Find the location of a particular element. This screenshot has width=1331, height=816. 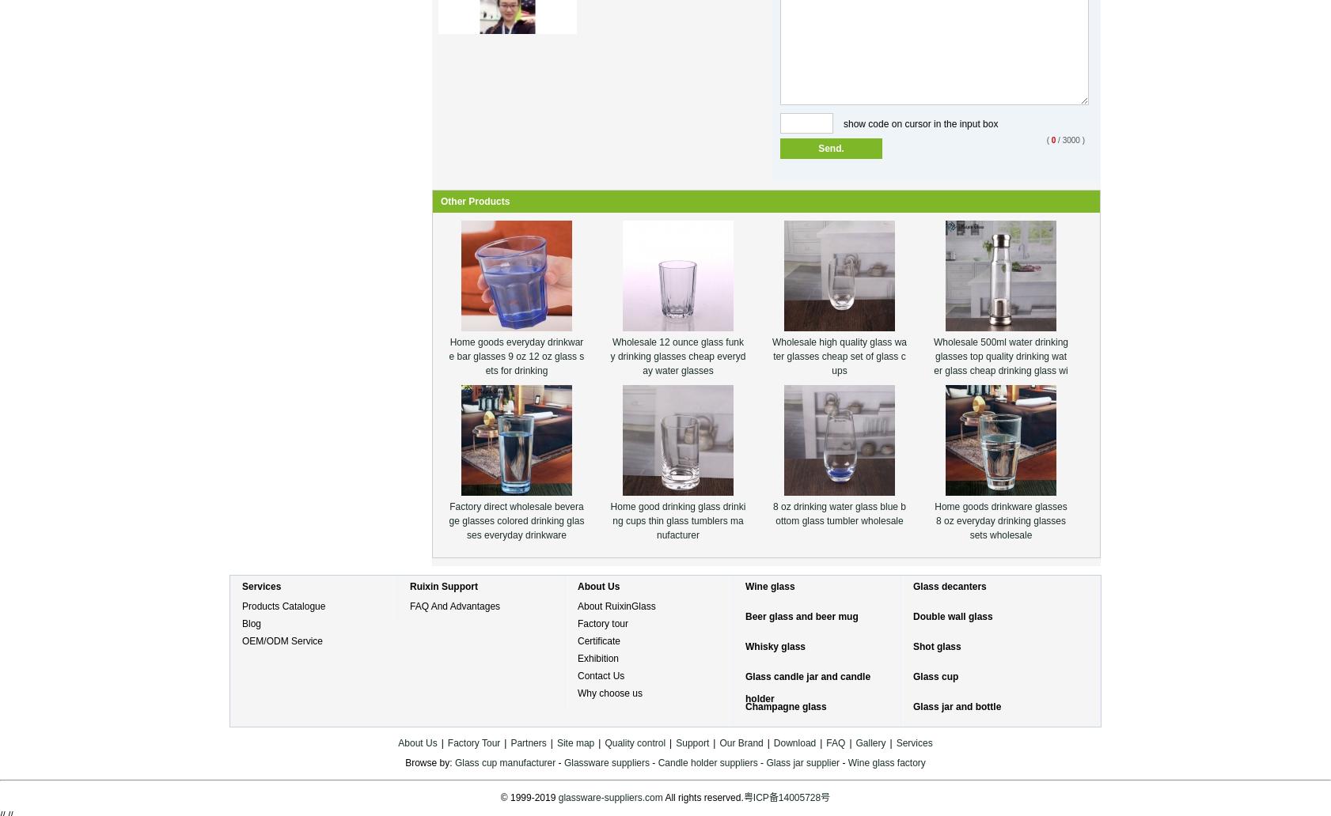

'Glass decanters' is located at coordinates (912, 586).